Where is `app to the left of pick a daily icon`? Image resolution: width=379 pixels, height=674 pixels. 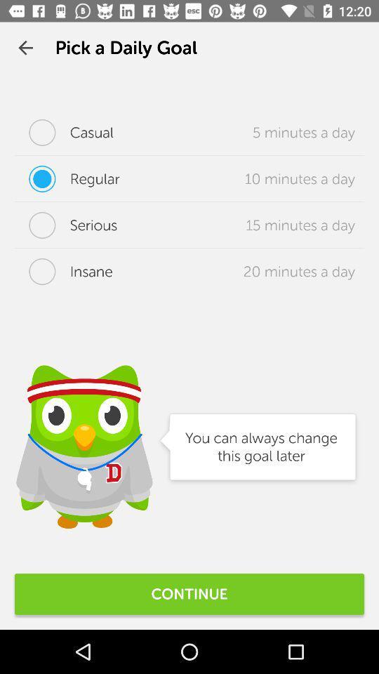
app to the left of pick a daily icon is located at coordinates (25, 48).